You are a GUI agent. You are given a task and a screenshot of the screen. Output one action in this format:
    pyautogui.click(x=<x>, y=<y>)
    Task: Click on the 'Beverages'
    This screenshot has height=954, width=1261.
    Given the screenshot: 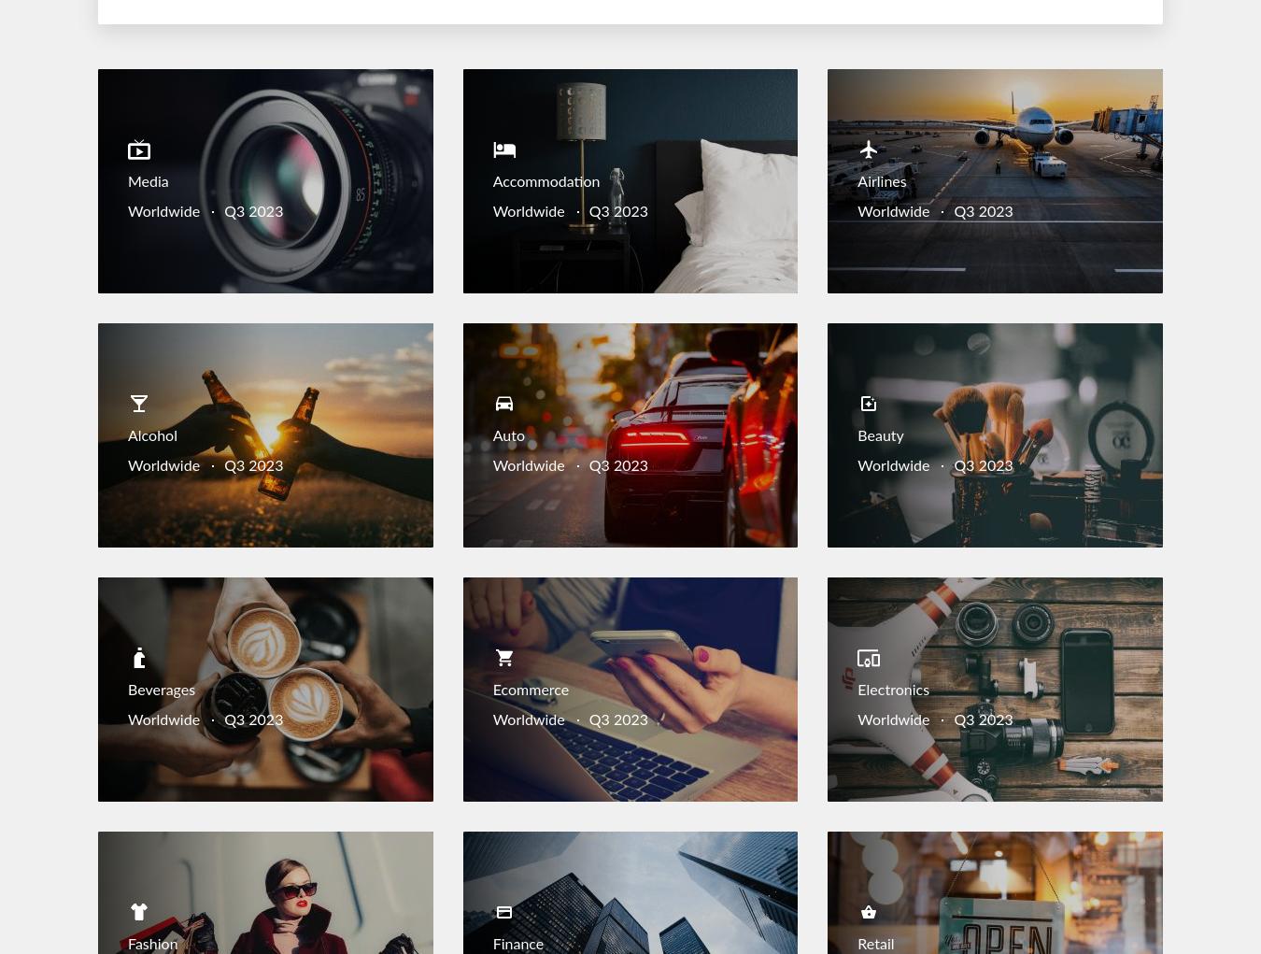 What is the action you would take?
    pyautogui.click(x=161, y=689)
    